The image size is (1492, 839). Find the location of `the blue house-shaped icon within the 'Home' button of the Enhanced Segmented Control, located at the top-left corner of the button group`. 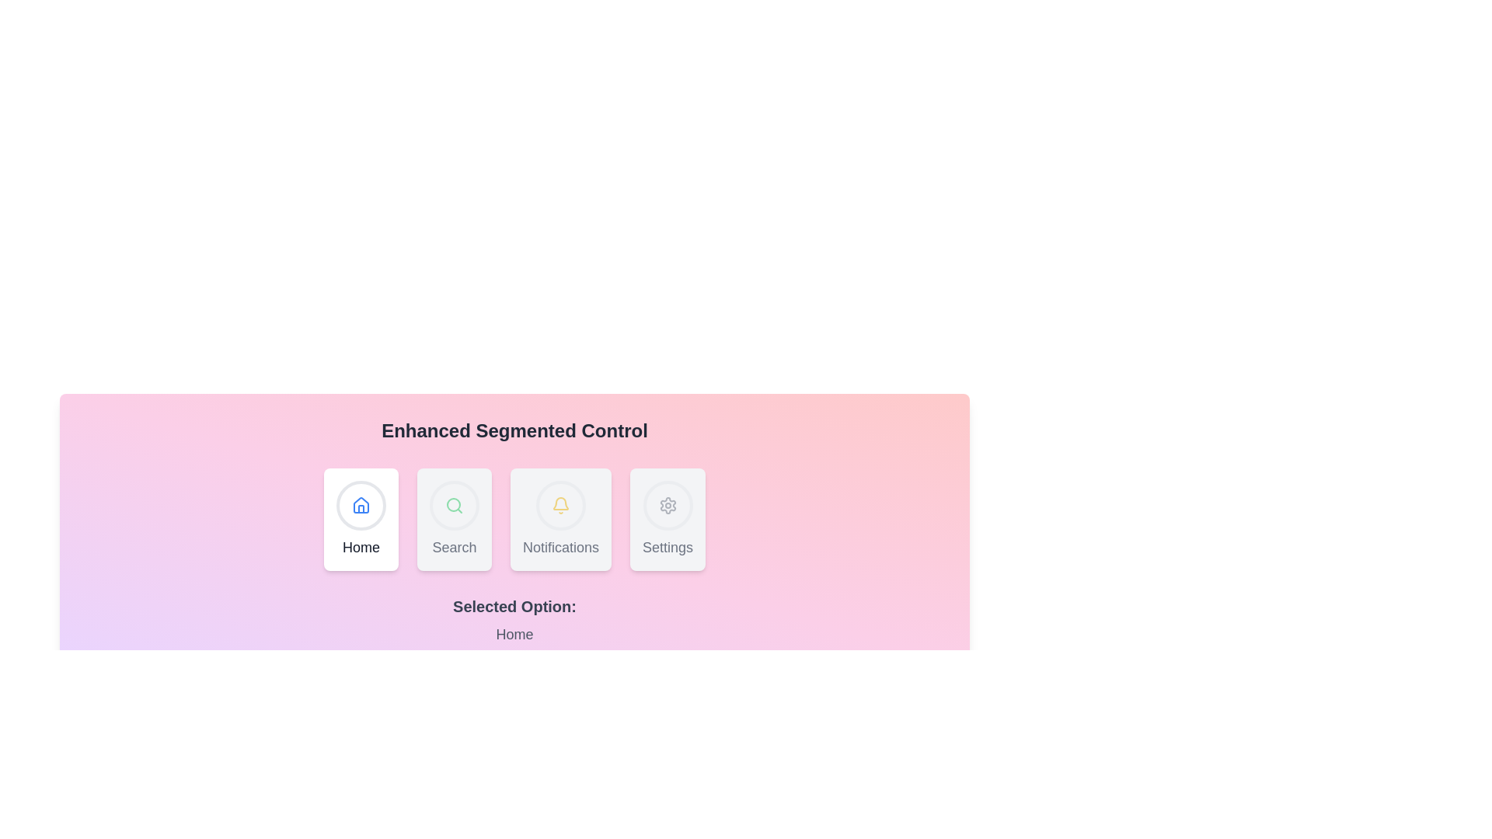

the blue house-shaped icon within the 'Home' button of the Enhanced Segmented Control, located at the top-left corner of the button group is located at coordinates (361, 506).